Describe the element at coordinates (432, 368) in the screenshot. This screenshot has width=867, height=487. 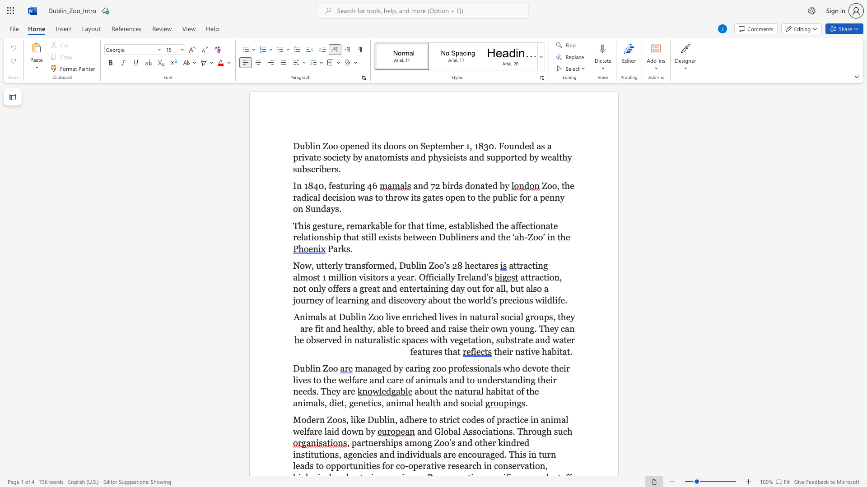
I see `the subset text "zoo professionals who" within the text "managed by caring zoo professionals who devote their lives to the welfare and care of animals and to understanding their needs. They are"` at that location.